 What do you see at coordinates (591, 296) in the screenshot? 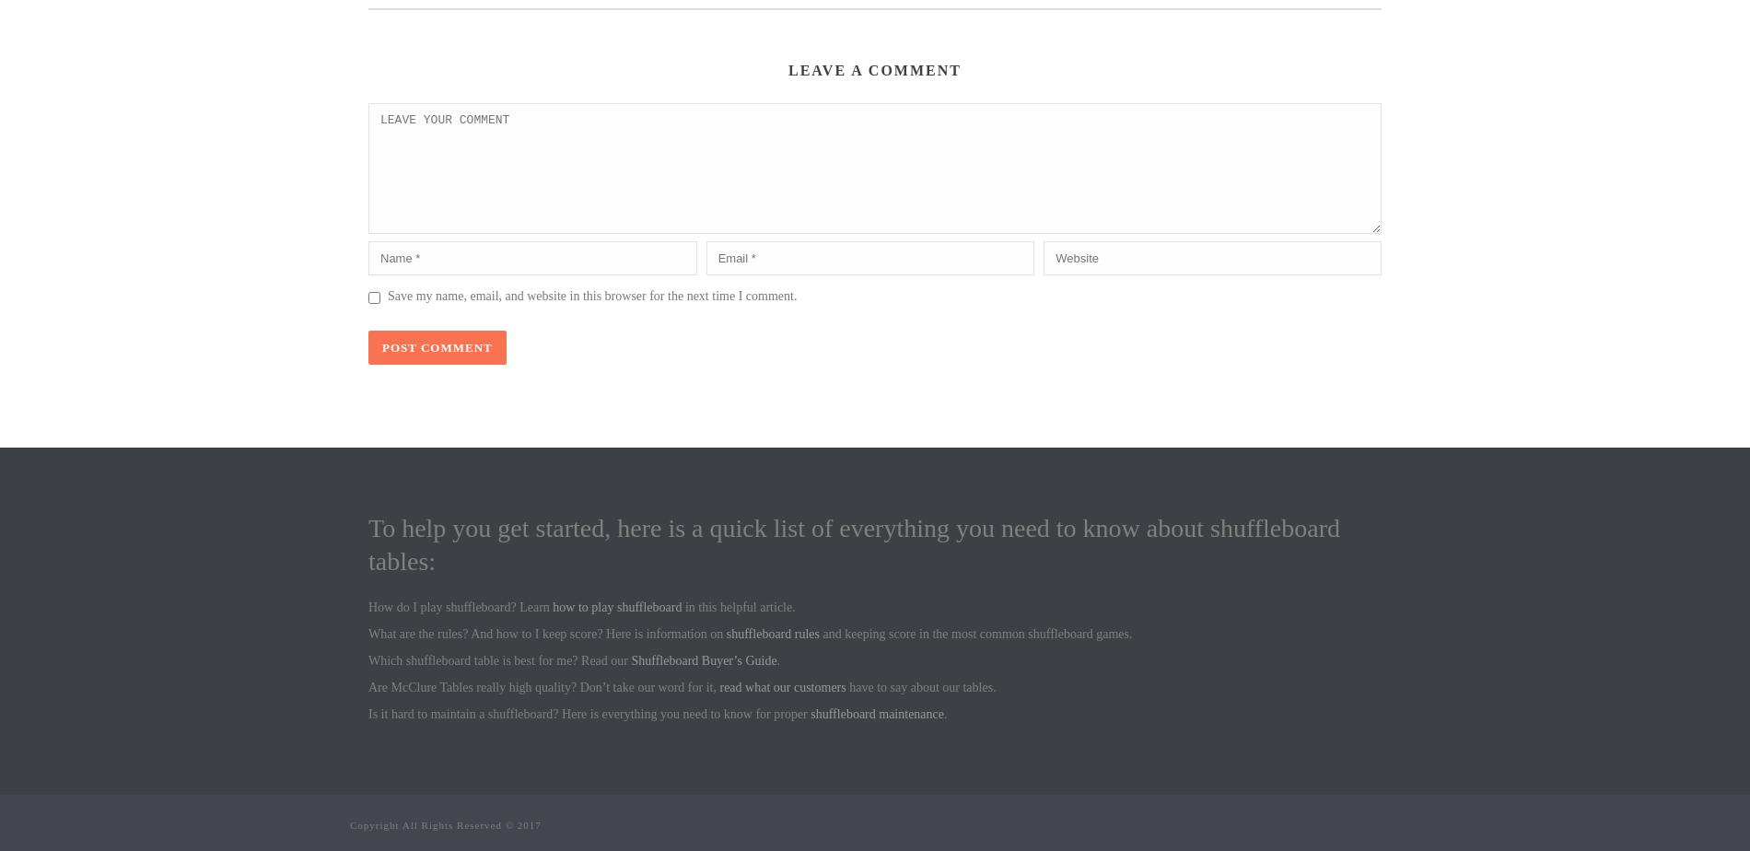
I see `'Save my name, email, and website in this browser for the next time I comment.'` at bounding box center [591, 296].